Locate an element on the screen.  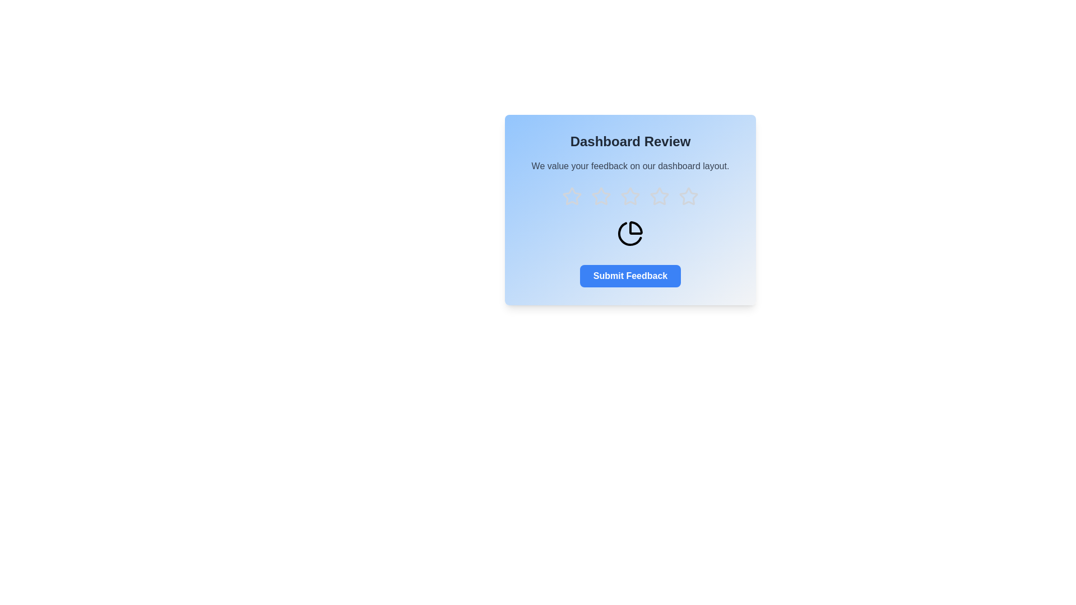
the star corresponding to the rating 5 is located at coordinates (688, 196).